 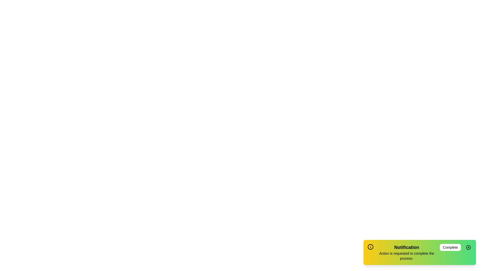 I want to click on the info icon to inspect its details, so click(x=371, y=246).